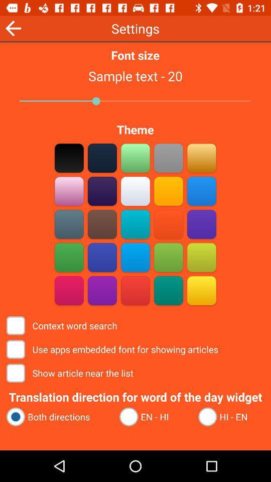 Image resolution: width=271 pixels, height=482 pixels. I want to click on medium green, so click(168, 257).